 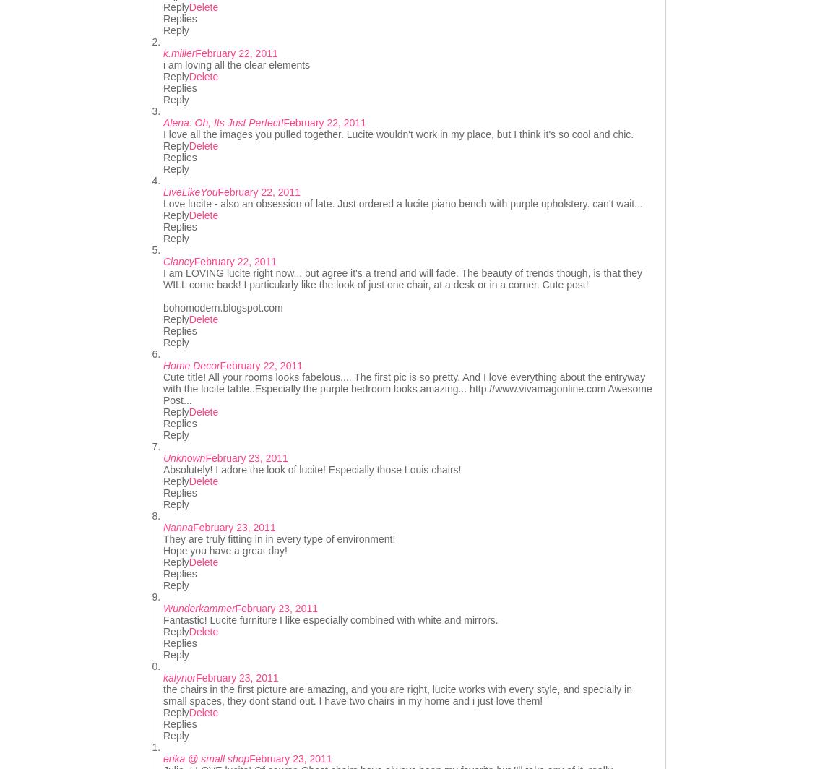 I want to click on 'Hope you have a great day!', so click(x=225, y=551).